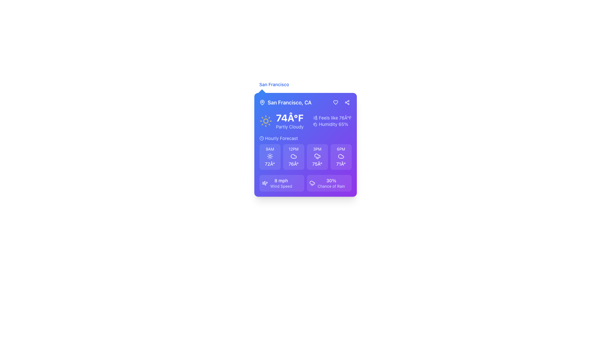 The image size is (615, 346). Describe the element at coordinates (332, 118) in the screenshot. I see `the 'Feels like 76°F' text label with thermometer icon, located in the top right portion of the weather card interface` at that location.